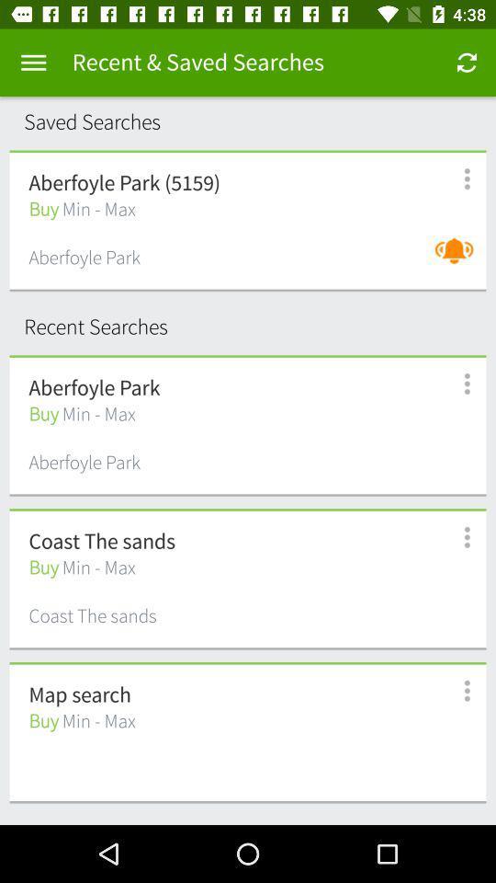 The image size is (496, 883). I want to click on icon next to aberfoyle park item, so click(457, 259).